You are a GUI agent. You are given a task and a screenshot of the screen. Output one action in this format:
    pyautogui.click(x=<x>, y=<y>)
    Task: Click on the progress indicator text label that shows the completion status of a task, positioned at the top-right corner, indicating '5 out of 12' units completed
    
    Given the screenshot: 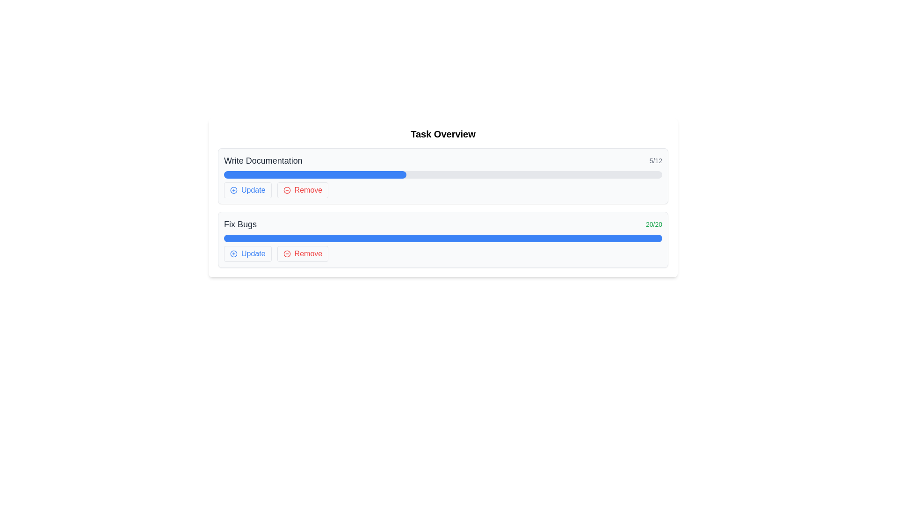 What is the action you would take?
    pyautogui.click(x=655, y=160)
    